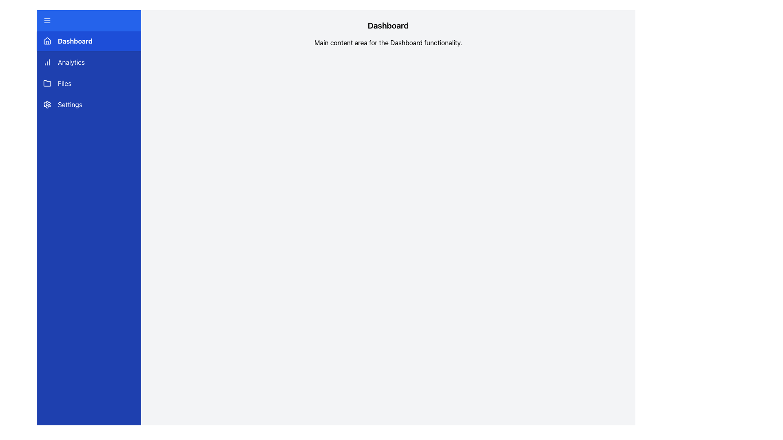 This screenshot has width=783, height=440. I want to click on the folder icon in the left navigation panel, which represents the 'Files' navigation menu item, so click(46, 83).